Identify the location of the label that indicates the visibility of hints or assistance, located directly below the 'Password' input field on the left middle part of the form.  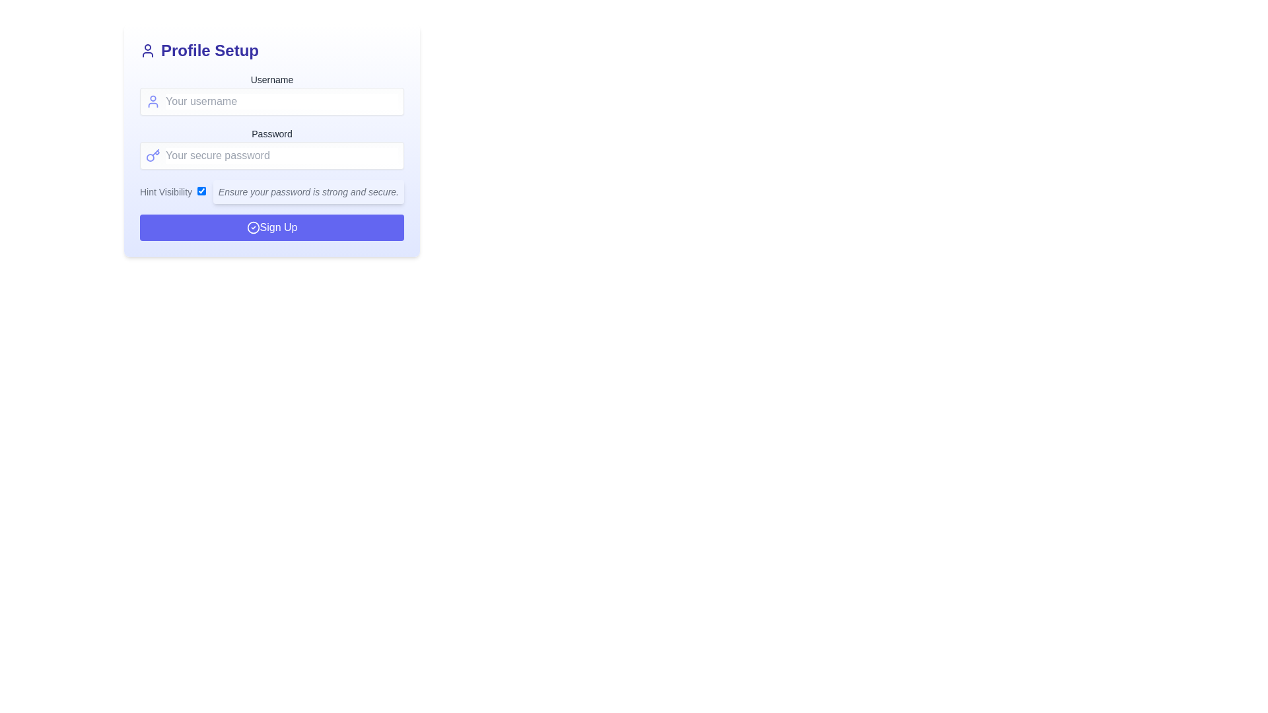
(172, 191).